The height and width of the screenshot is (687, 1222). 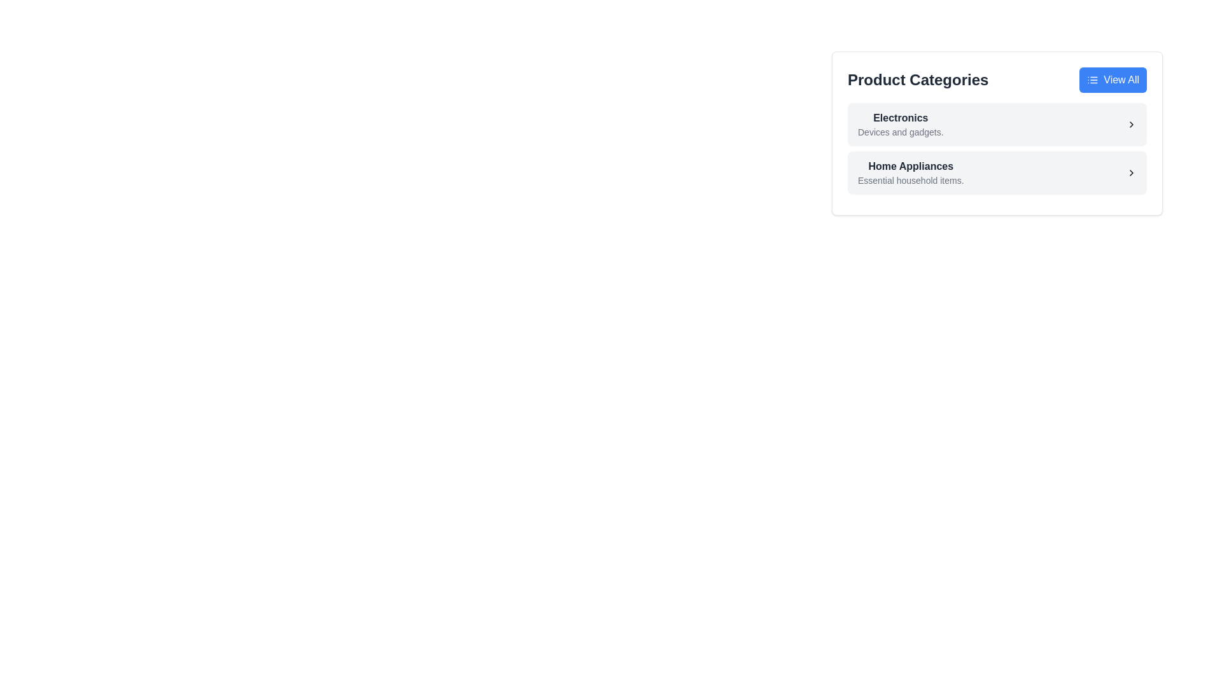 I want to click on 'Home Appliances' label located in the 'Product Categories' panel, which is the second item after 'Electronics', so click(x=910, y=166).